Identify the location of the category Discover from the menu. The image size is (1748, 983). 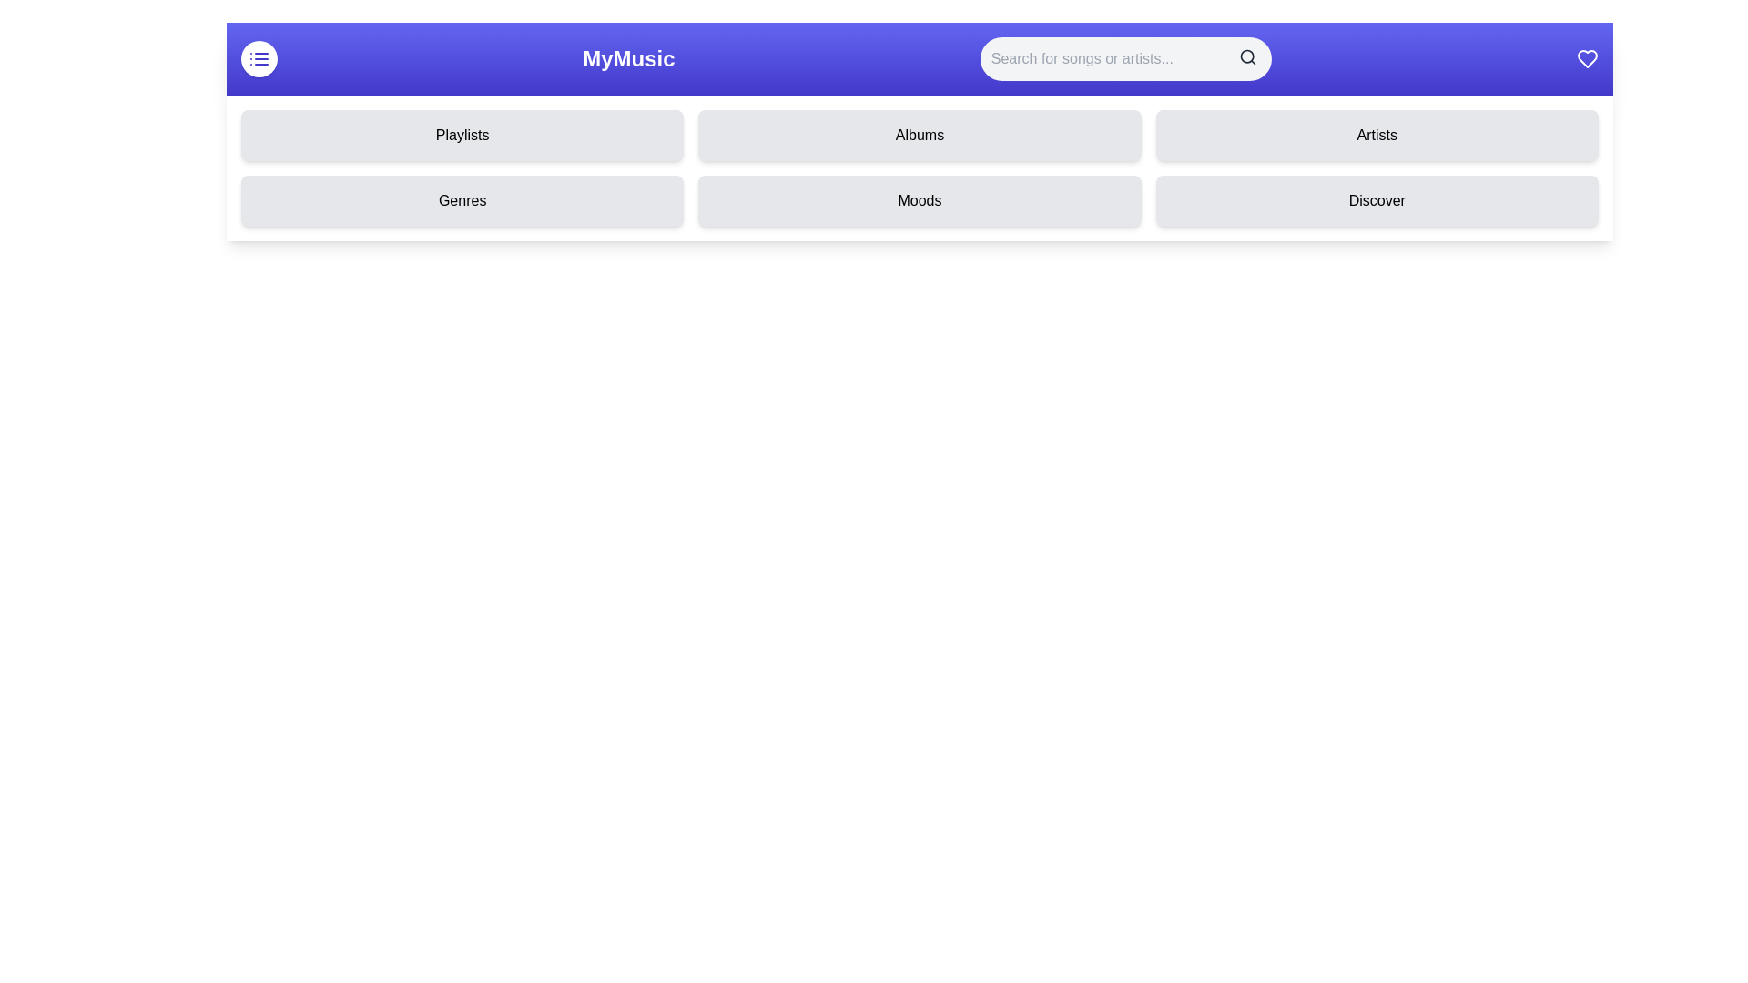
(1377, 200).